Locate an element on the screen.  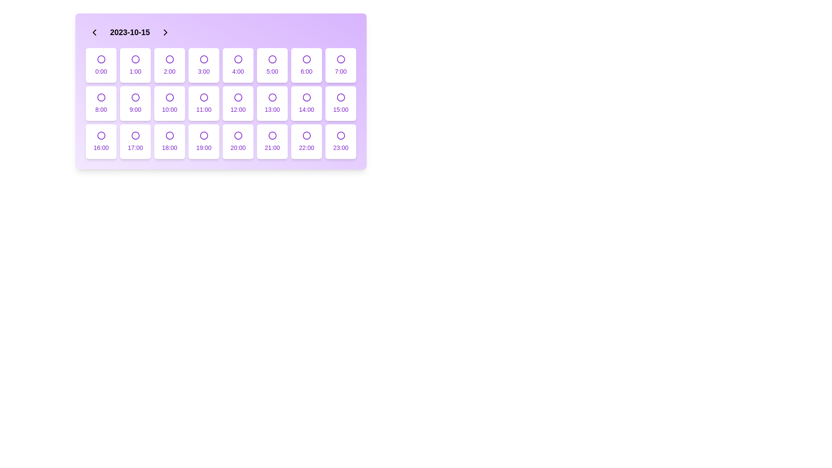
the left-pointing chevron icon located at the top-left corner of the interface is located at coordinates (94, 32).